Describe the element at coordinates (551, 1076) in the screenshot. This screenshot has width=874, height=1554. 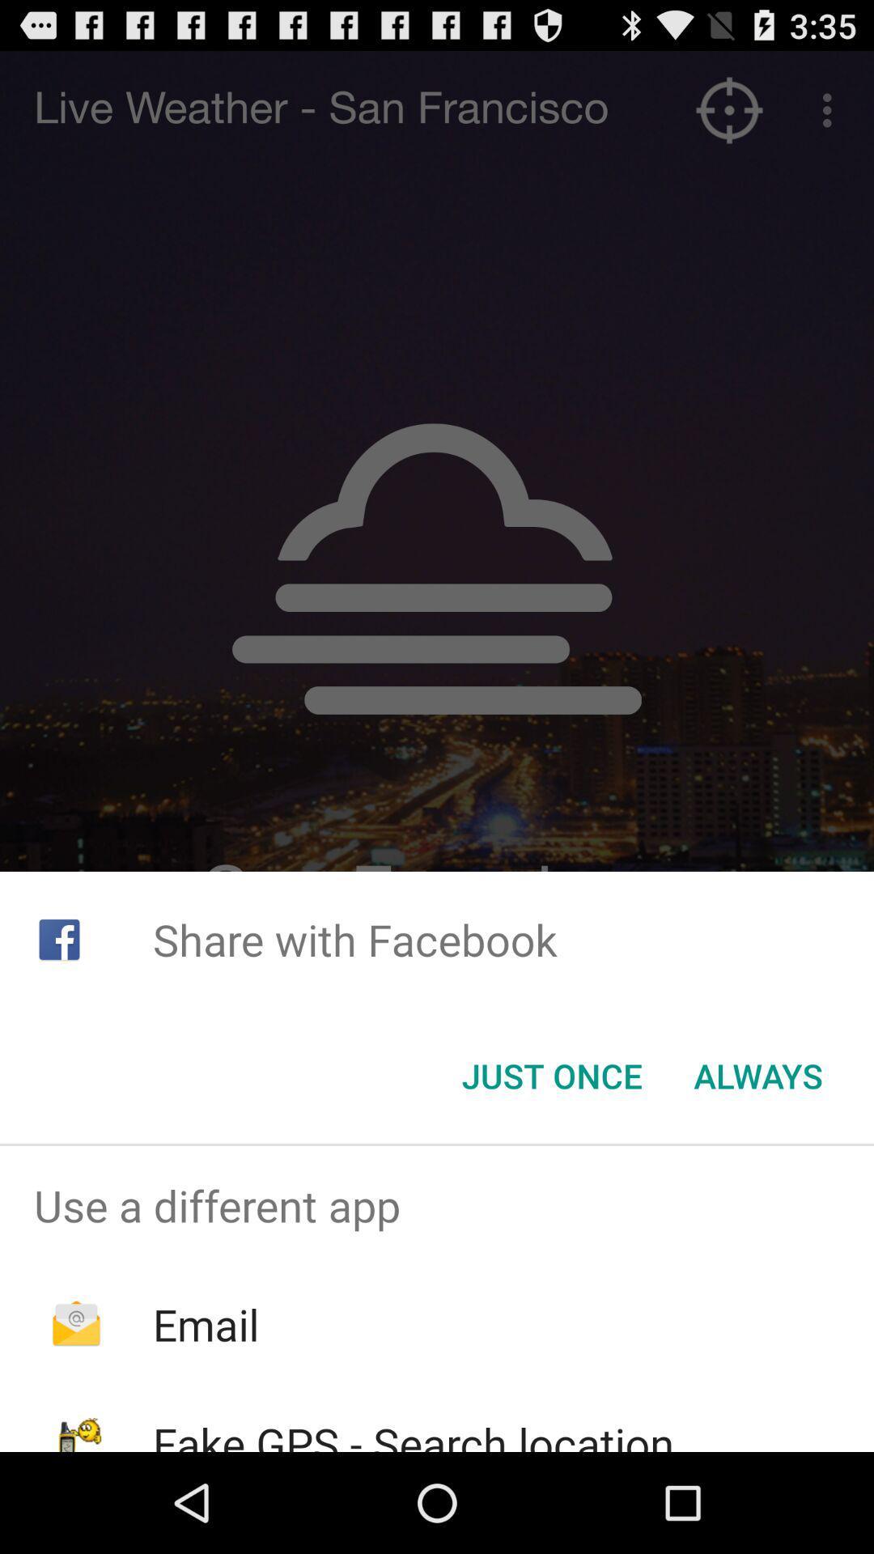
I see `the icon to the left of always icon` at that location.